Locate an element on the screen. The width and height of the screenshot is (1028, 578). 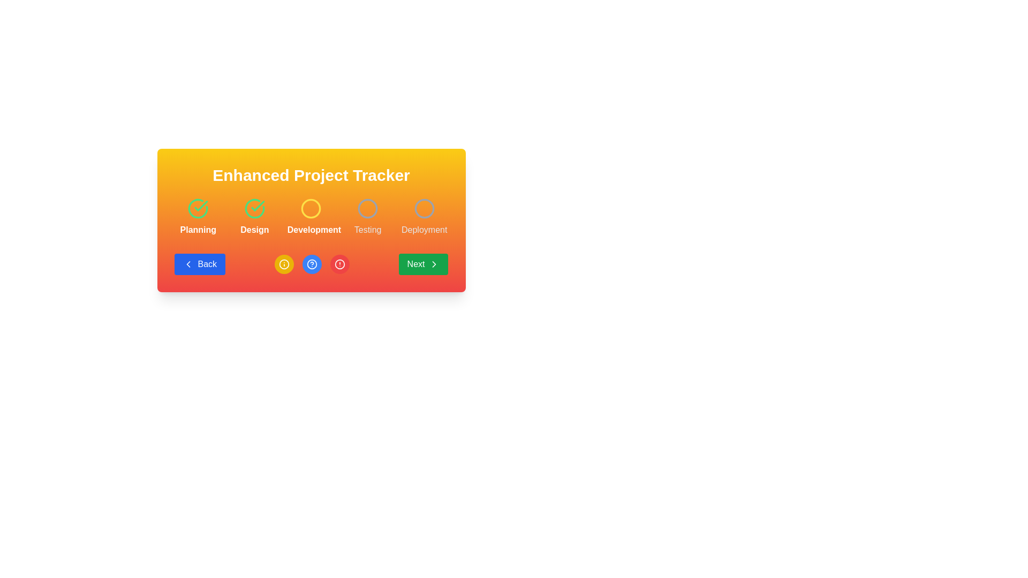
the middle circular button with a blue background and an information symbol is located at coordinates (311, 264).